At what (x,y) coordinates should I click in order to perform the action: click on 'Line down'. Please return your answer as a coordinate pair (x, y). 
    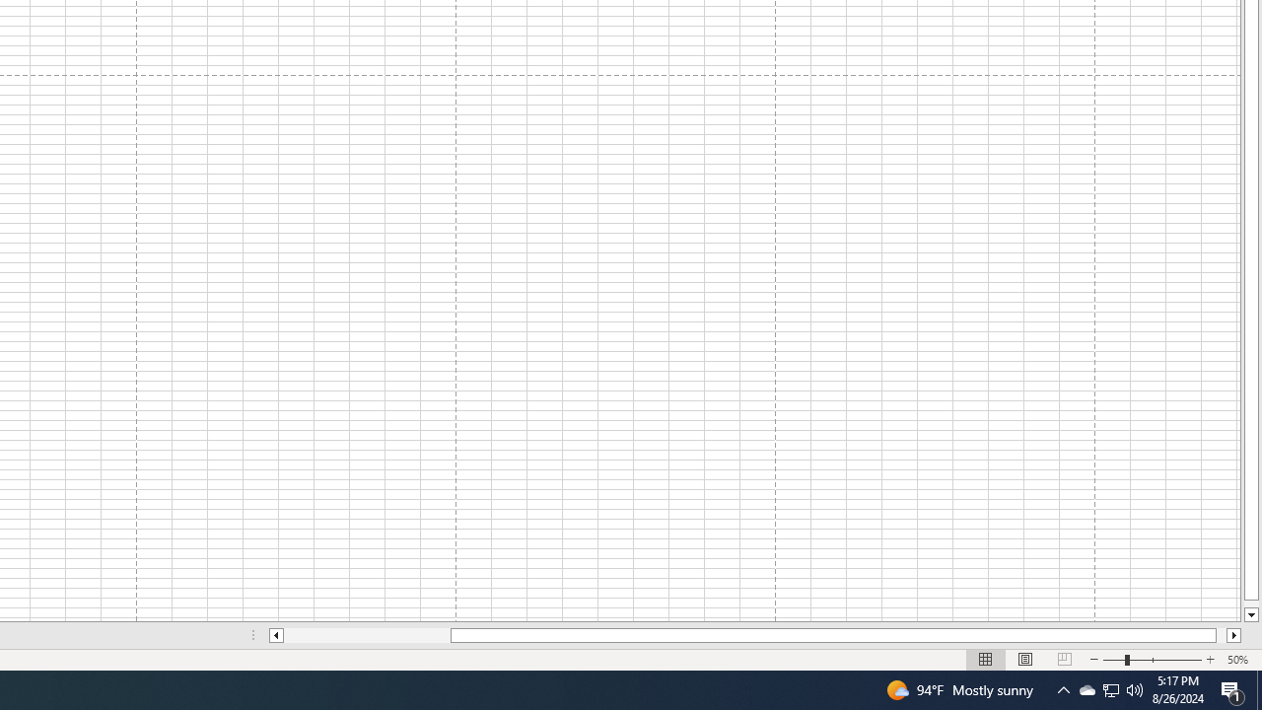
    Looking at the image, I should click on (1250, 614).